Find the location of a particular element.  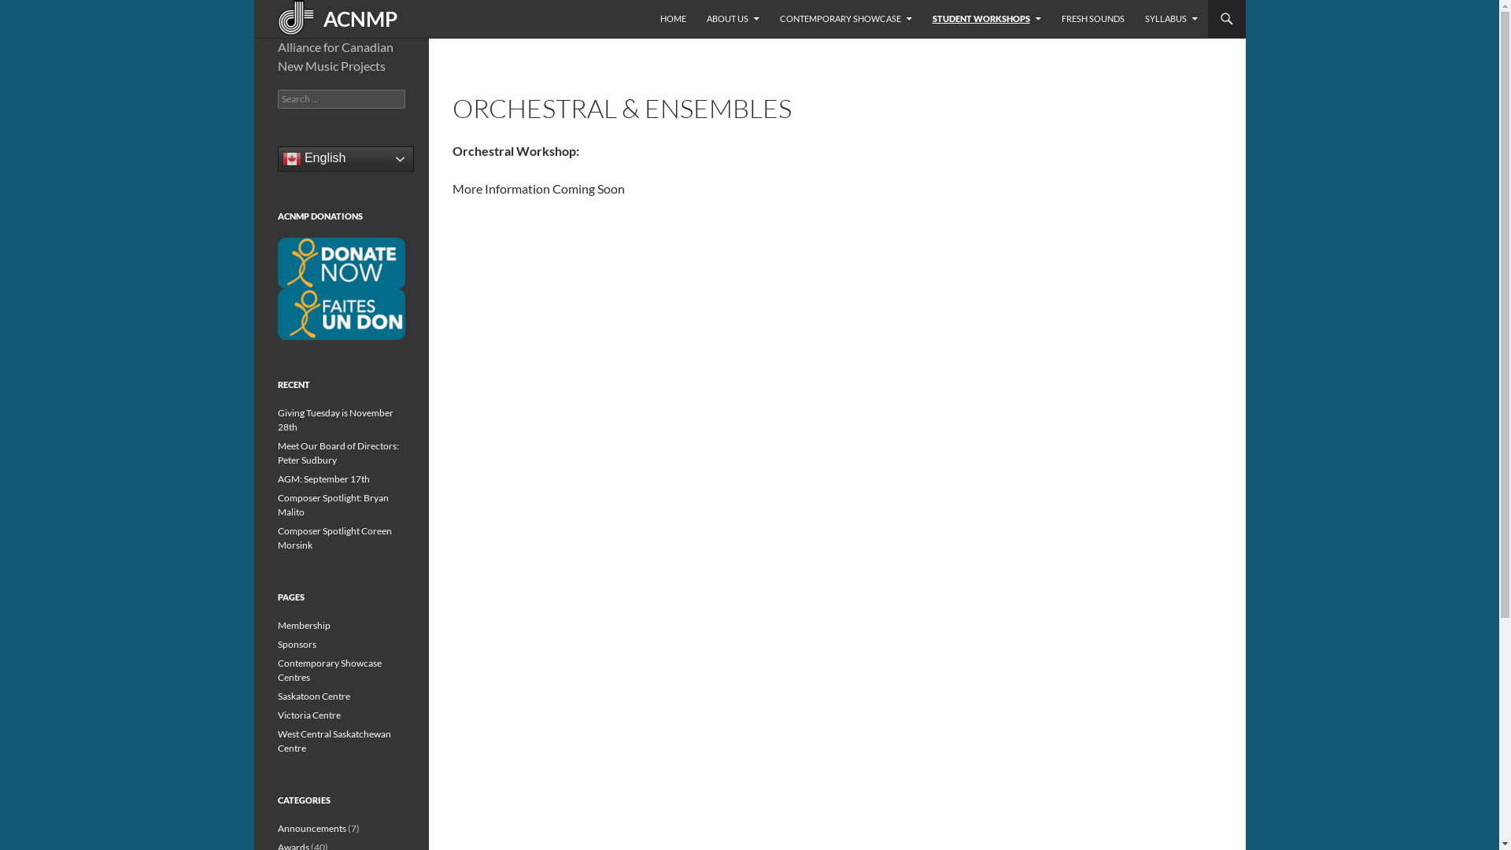

'ACNMP' is located at coordinates (331, 18).